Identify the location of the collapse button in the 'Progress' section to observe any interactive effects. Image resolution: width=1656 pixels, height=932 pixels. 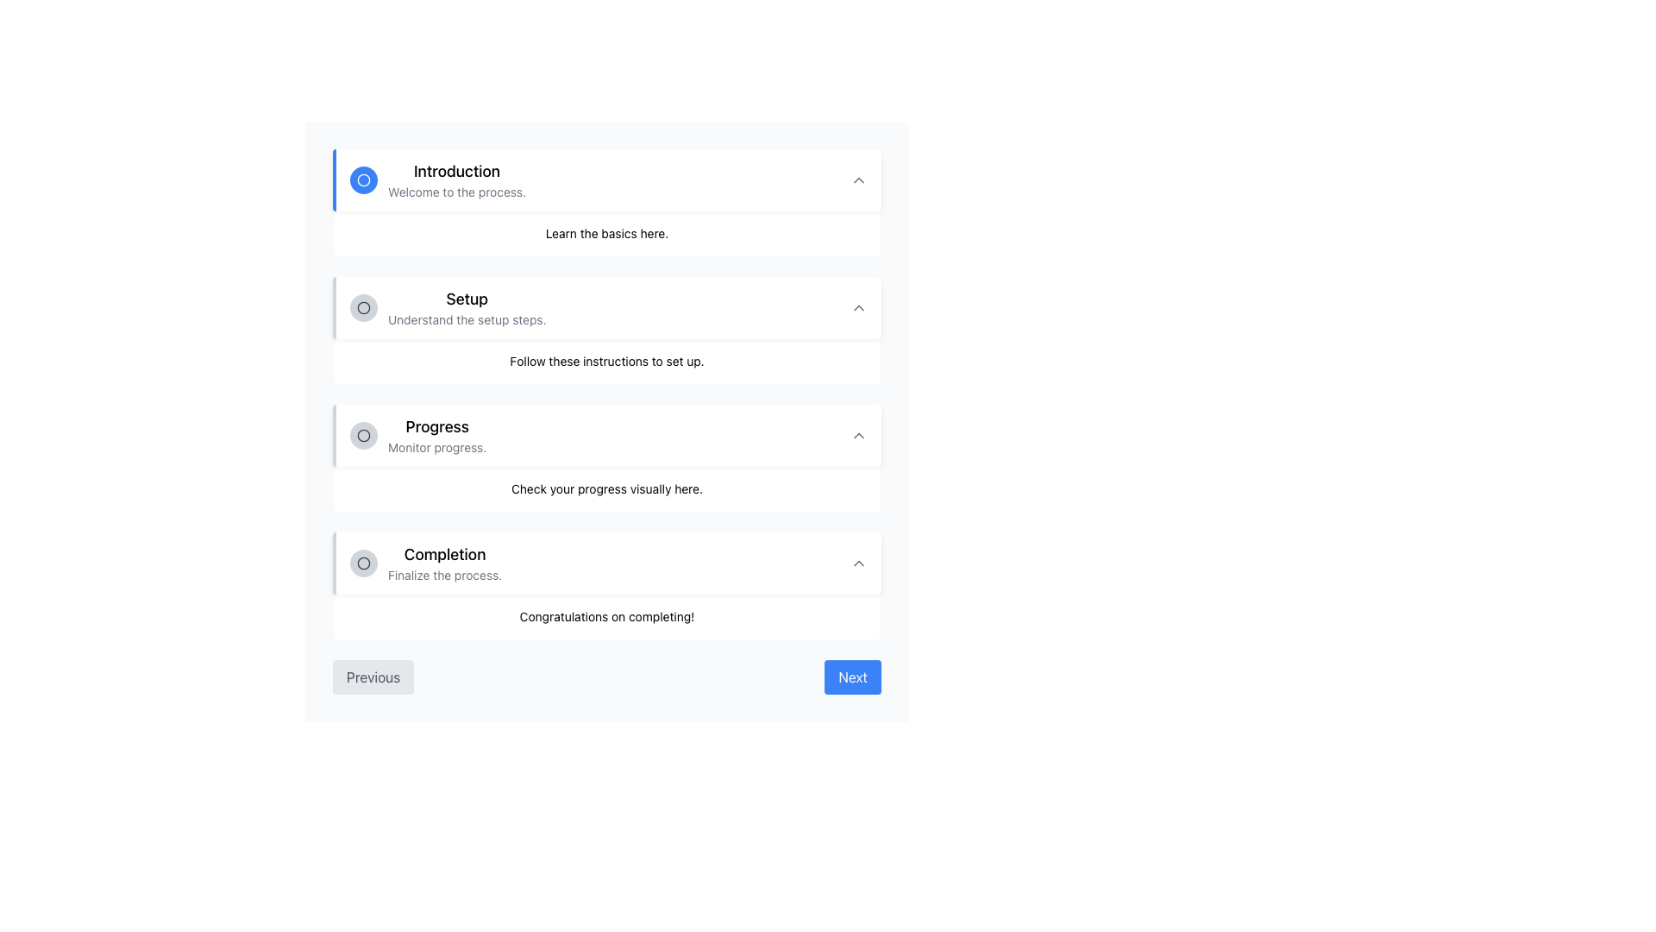
(859, 435).